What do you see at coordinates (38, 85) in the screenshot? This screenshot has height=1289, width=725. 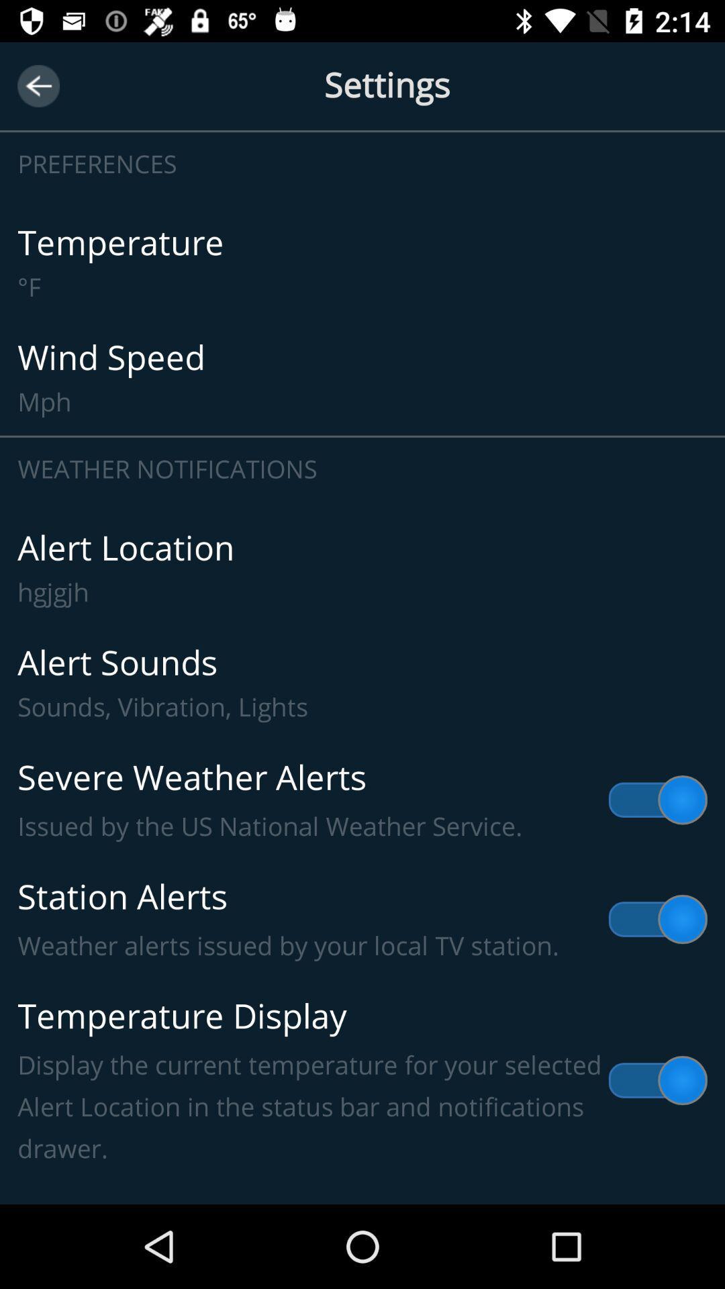 I see `the arrow_backward icon` at bounding box center [38, 85].